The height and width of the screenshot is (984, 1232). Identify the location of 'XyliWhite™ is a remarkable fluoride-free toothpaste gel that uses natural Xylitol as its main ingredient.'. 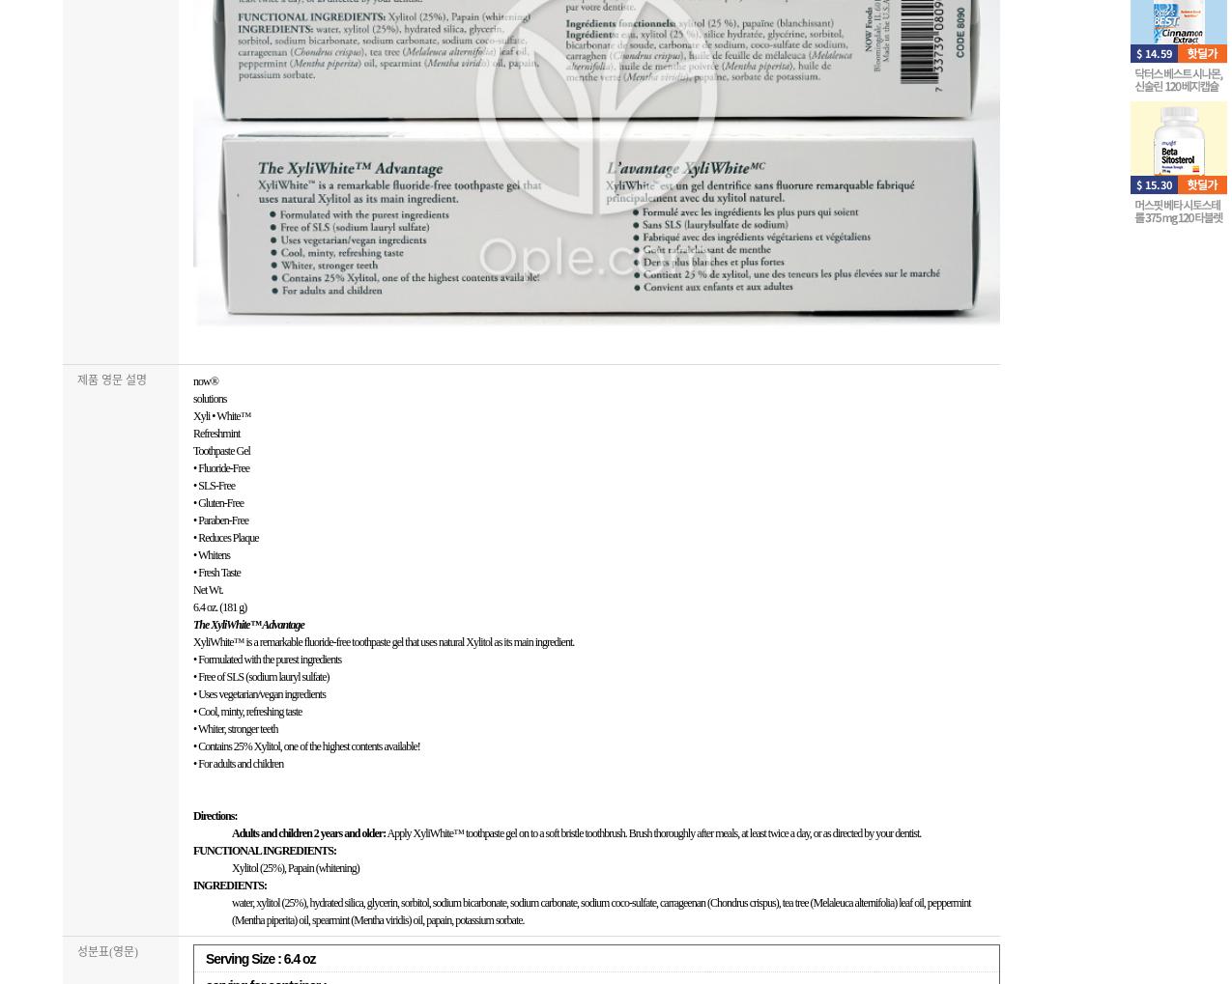
(384, 640).